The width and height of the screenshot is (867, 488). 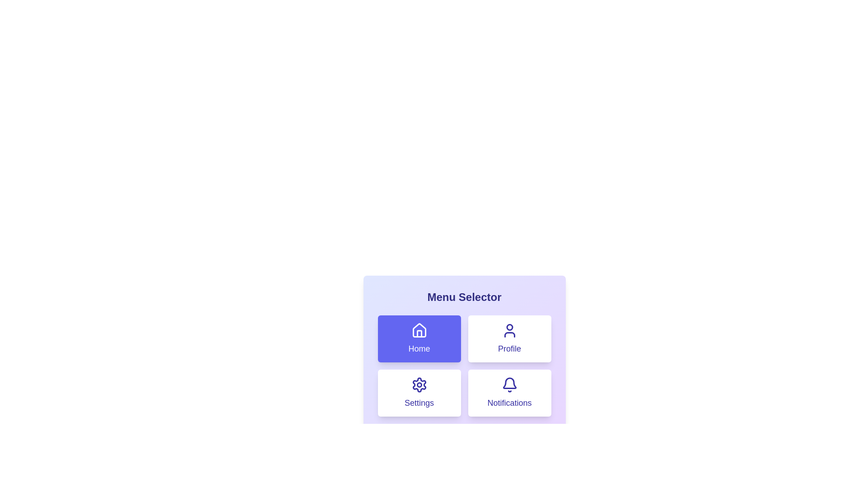 I want to click on the menu option Notifications, so click(x=509, y=393).